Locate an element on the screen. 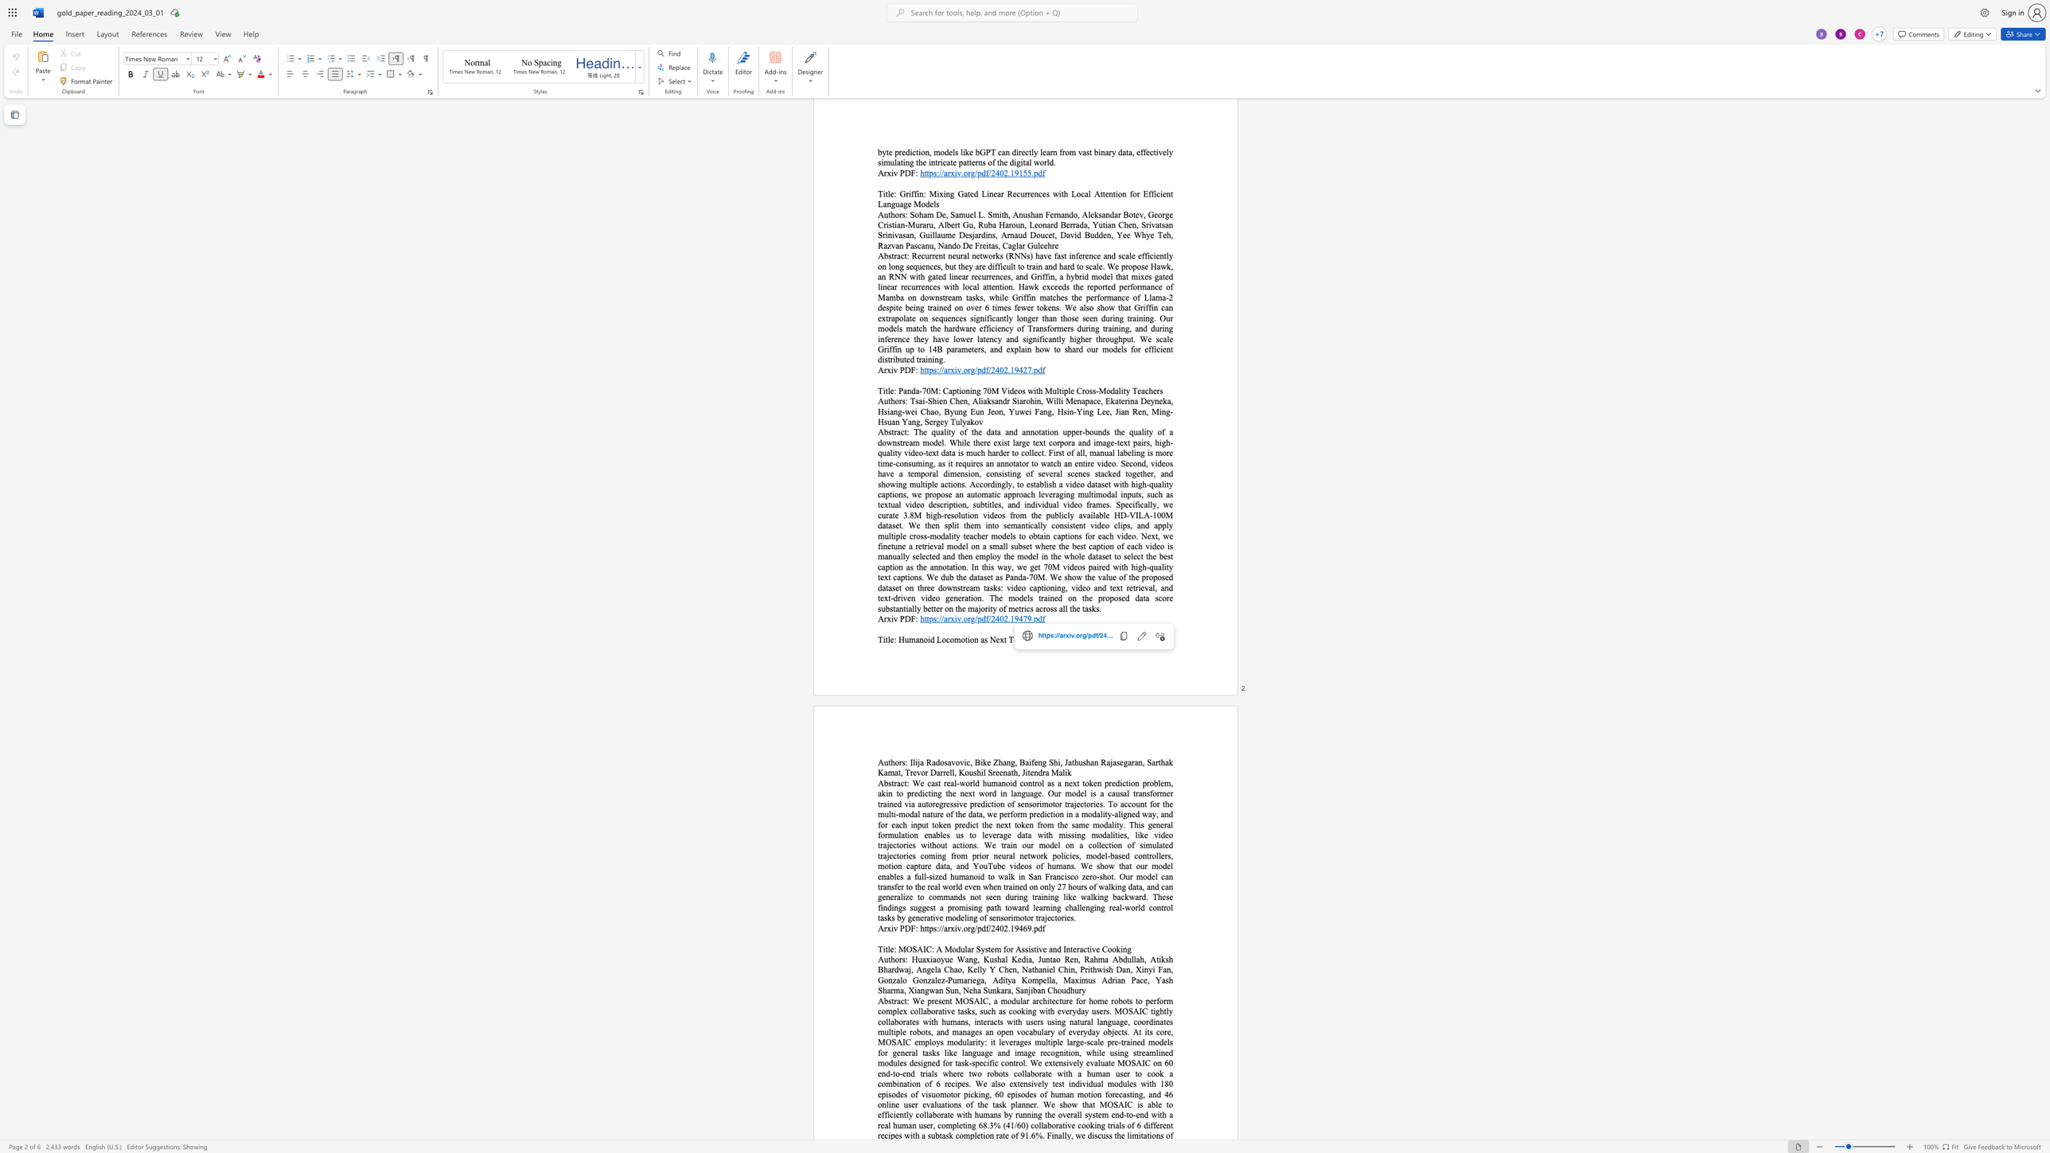  the space between the continuous character "i" and "c" in the text is located at coordinates (1050, 640).